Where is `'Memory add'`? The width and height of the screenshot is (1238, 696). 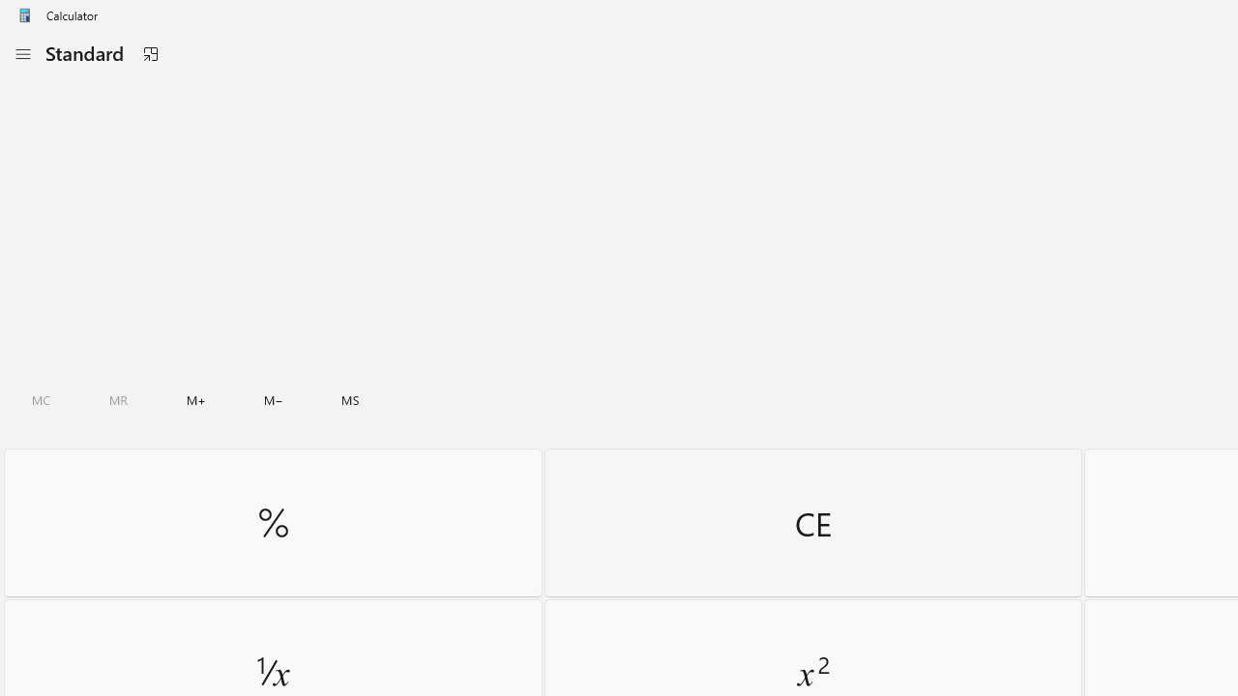
'Memory add' is located at coordinates (195, 399).